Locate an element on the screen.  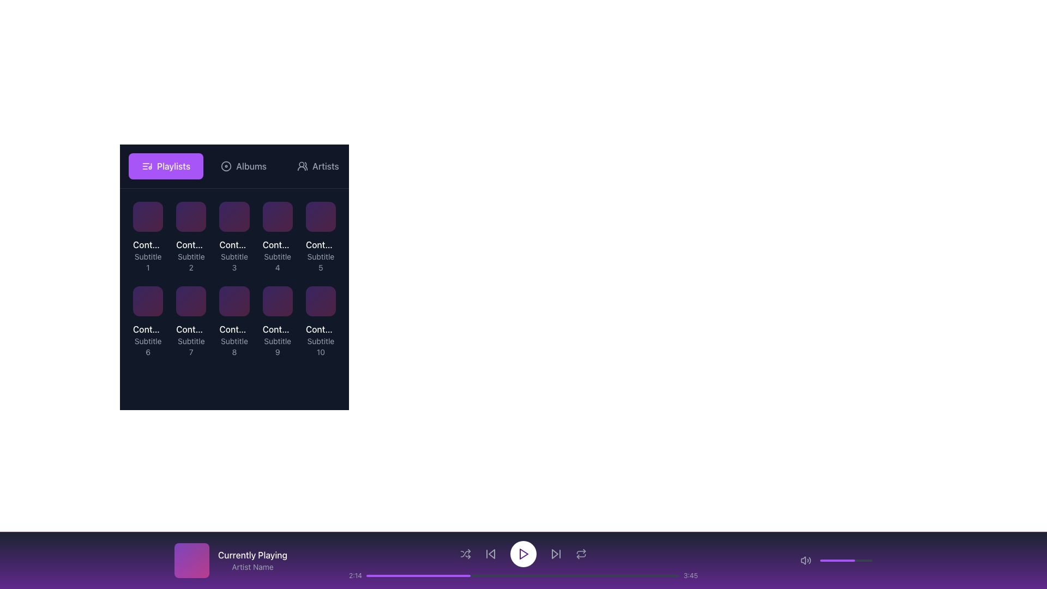
the 'Artists' button, which is a text label with gray text and a user group icon, located as the third item in the horizontal menu list is located at coordinates (317, 166).